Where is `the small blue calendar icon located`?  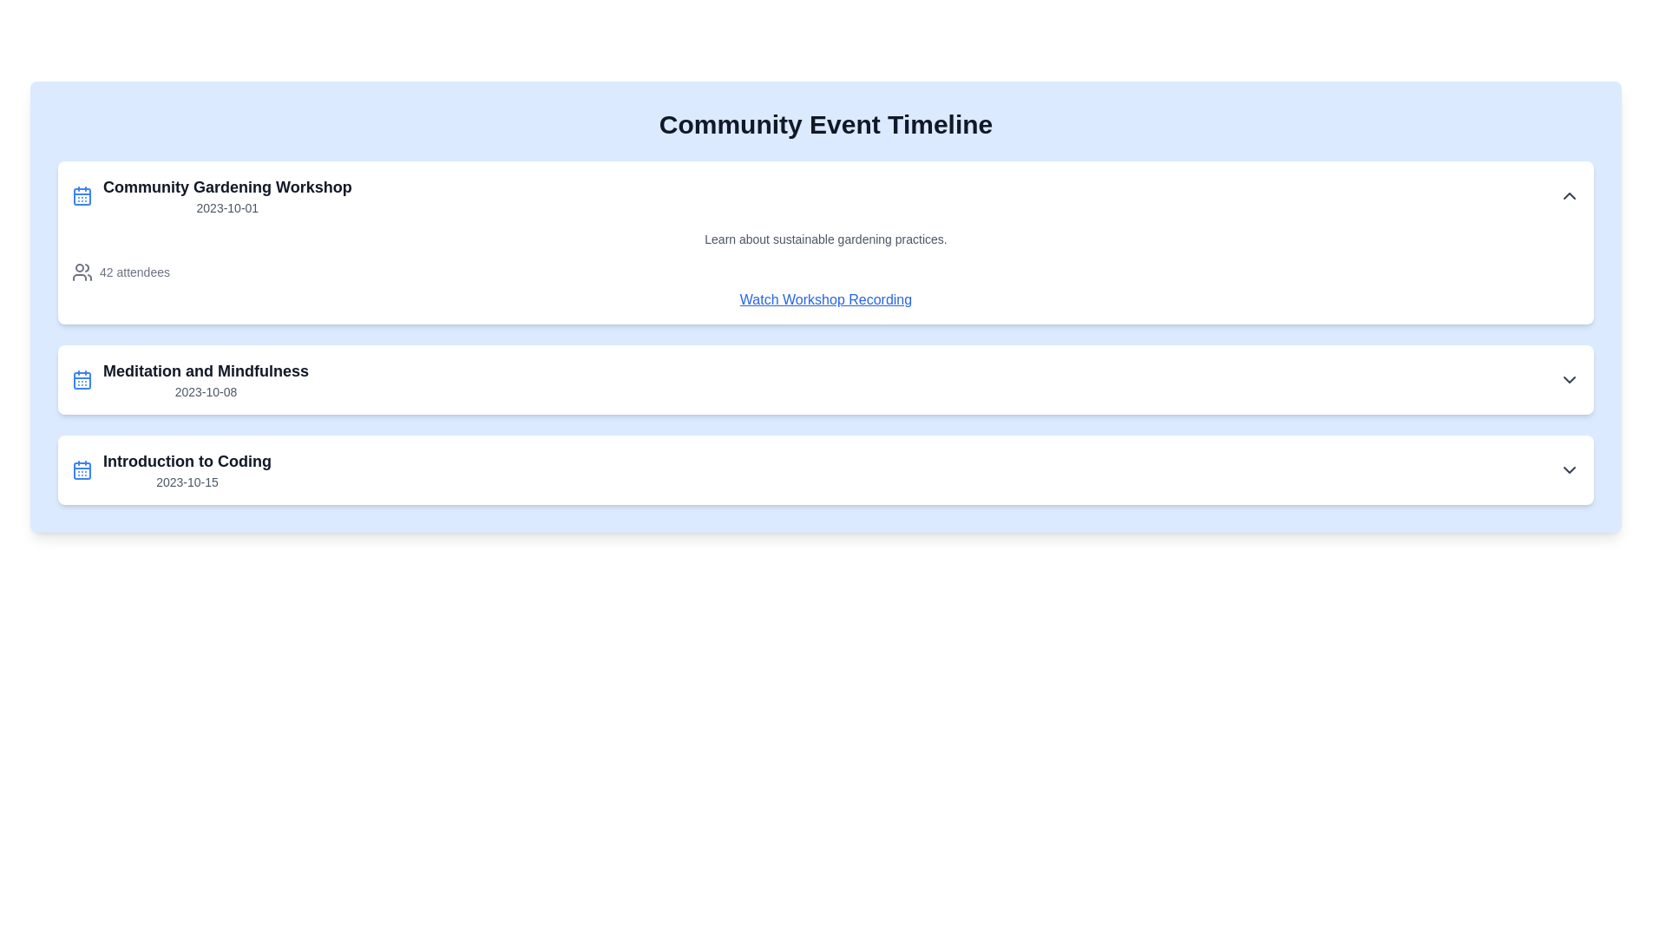 the small blue calendar icon located is located at coordinates (82, 195).